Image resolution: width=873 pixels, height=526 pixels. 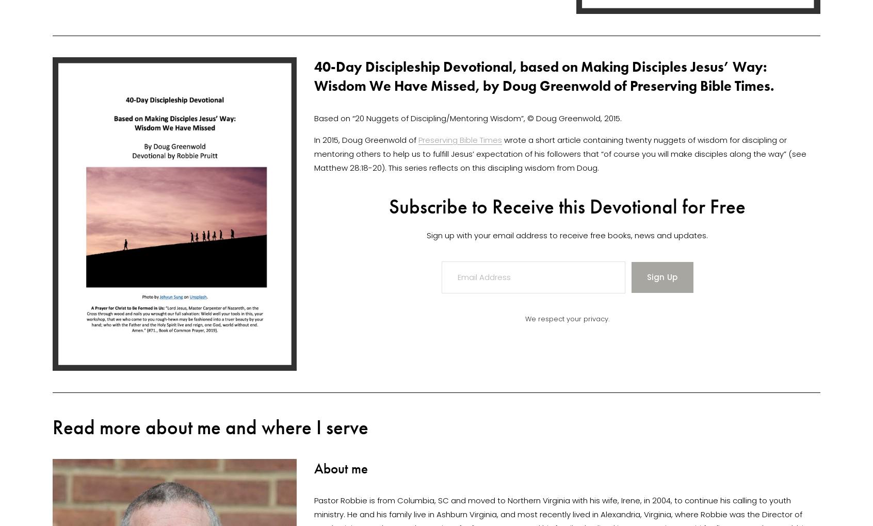 I want to click on 'In 2015, Doug Greenwold of', so click(x=365, y=139).